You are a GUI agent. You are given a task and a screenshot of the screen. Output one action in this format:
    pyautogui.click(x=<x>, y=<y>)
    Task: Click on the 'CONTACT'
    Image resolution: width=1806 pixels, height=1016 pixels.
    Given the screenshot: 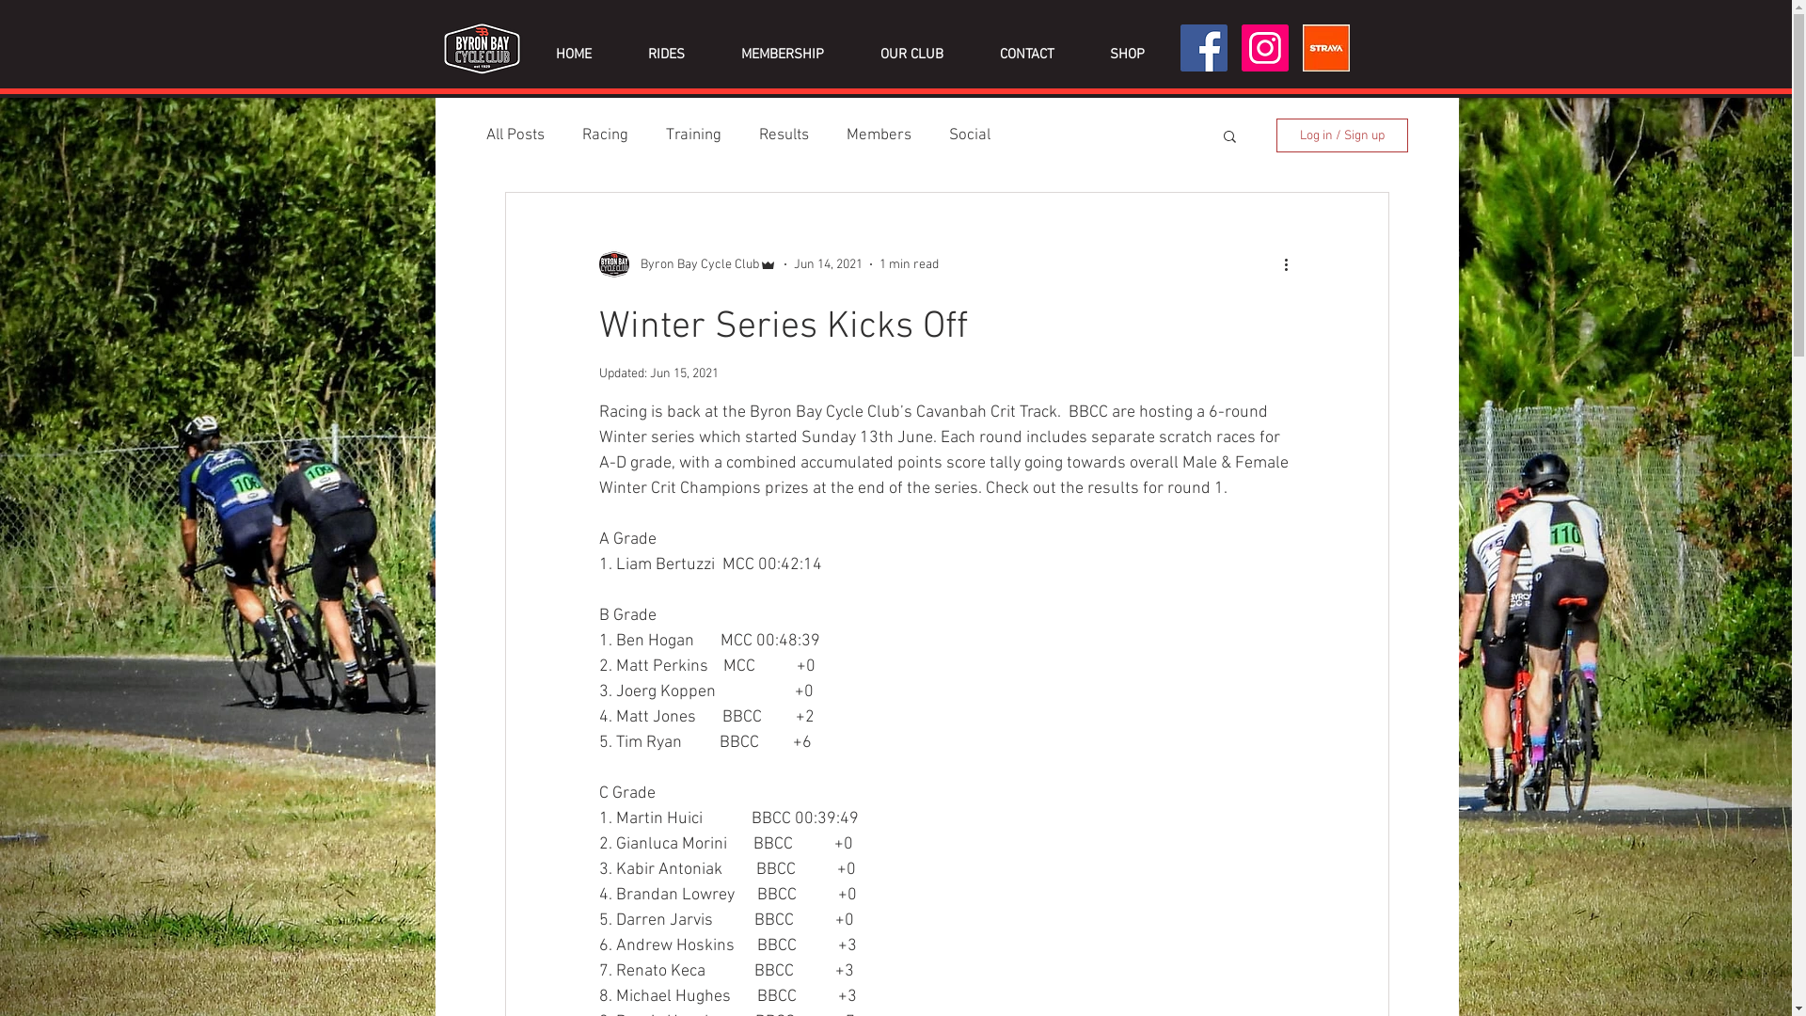 What is the action you would take?
    pyautogui.click(x=1024, y=53)
    